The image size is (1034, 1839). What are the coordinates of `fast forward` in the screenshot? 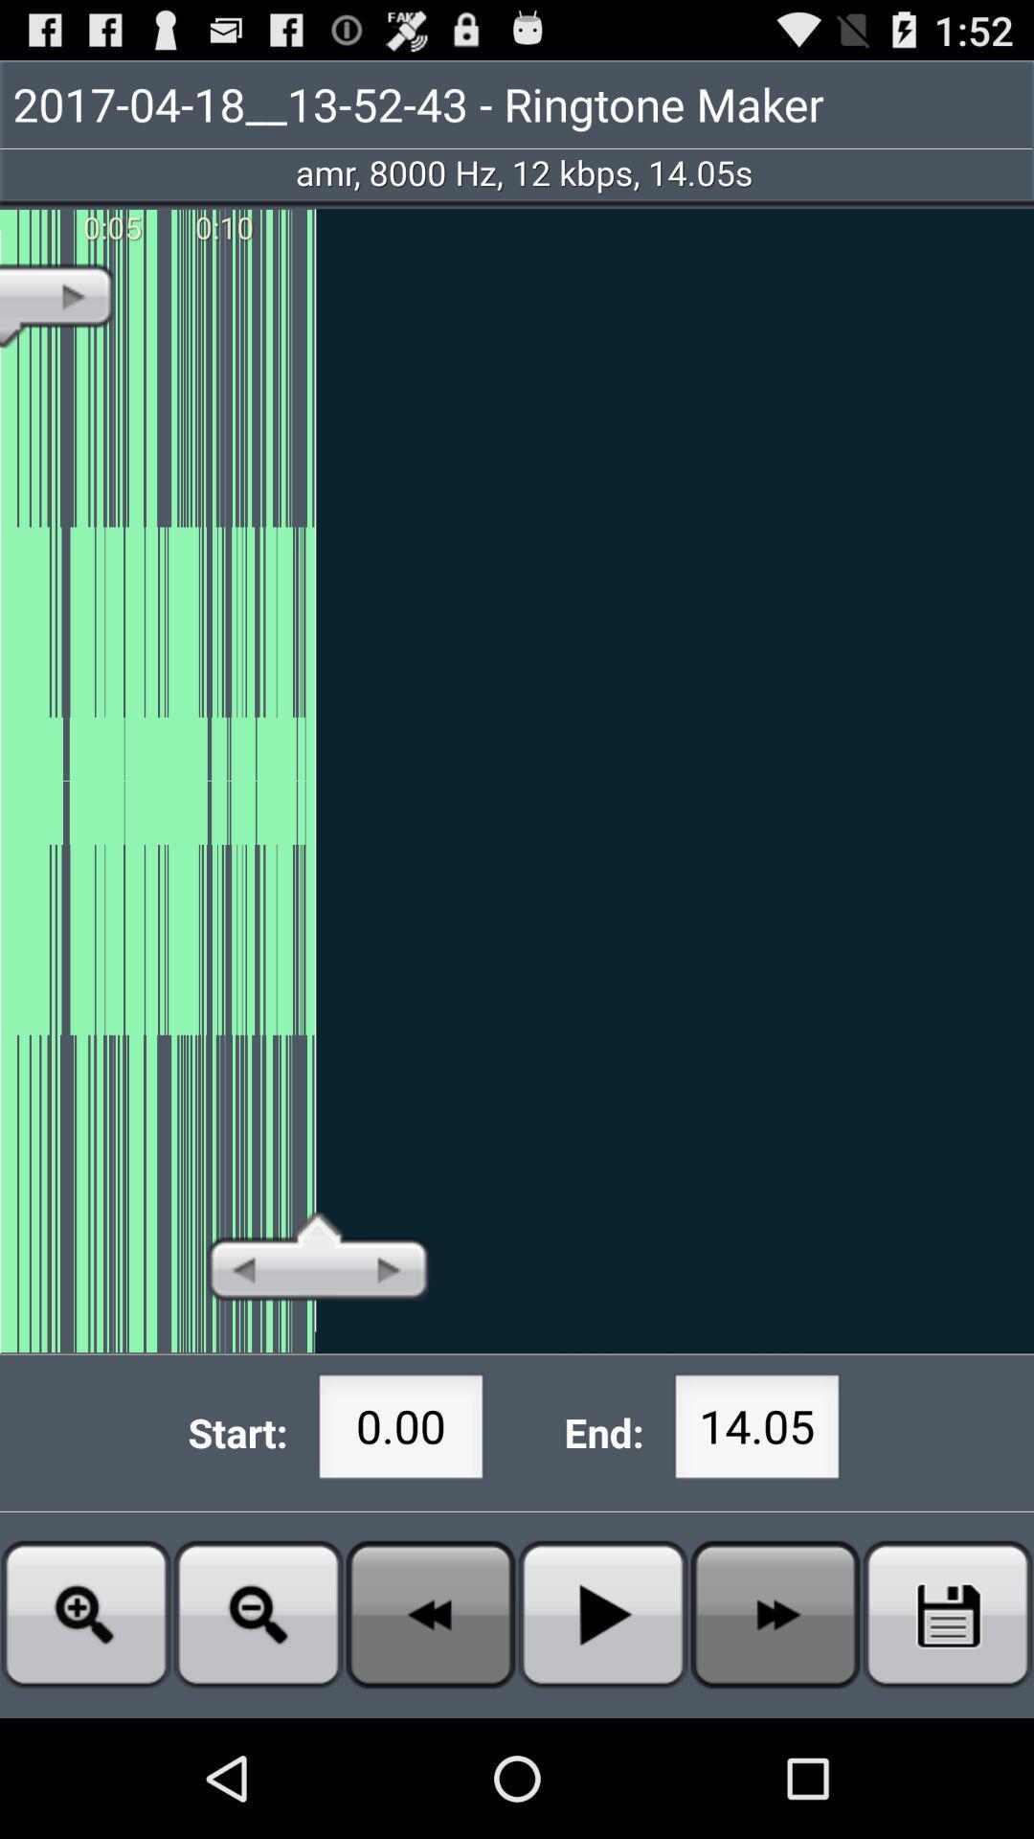 It's located at (775, 1613).